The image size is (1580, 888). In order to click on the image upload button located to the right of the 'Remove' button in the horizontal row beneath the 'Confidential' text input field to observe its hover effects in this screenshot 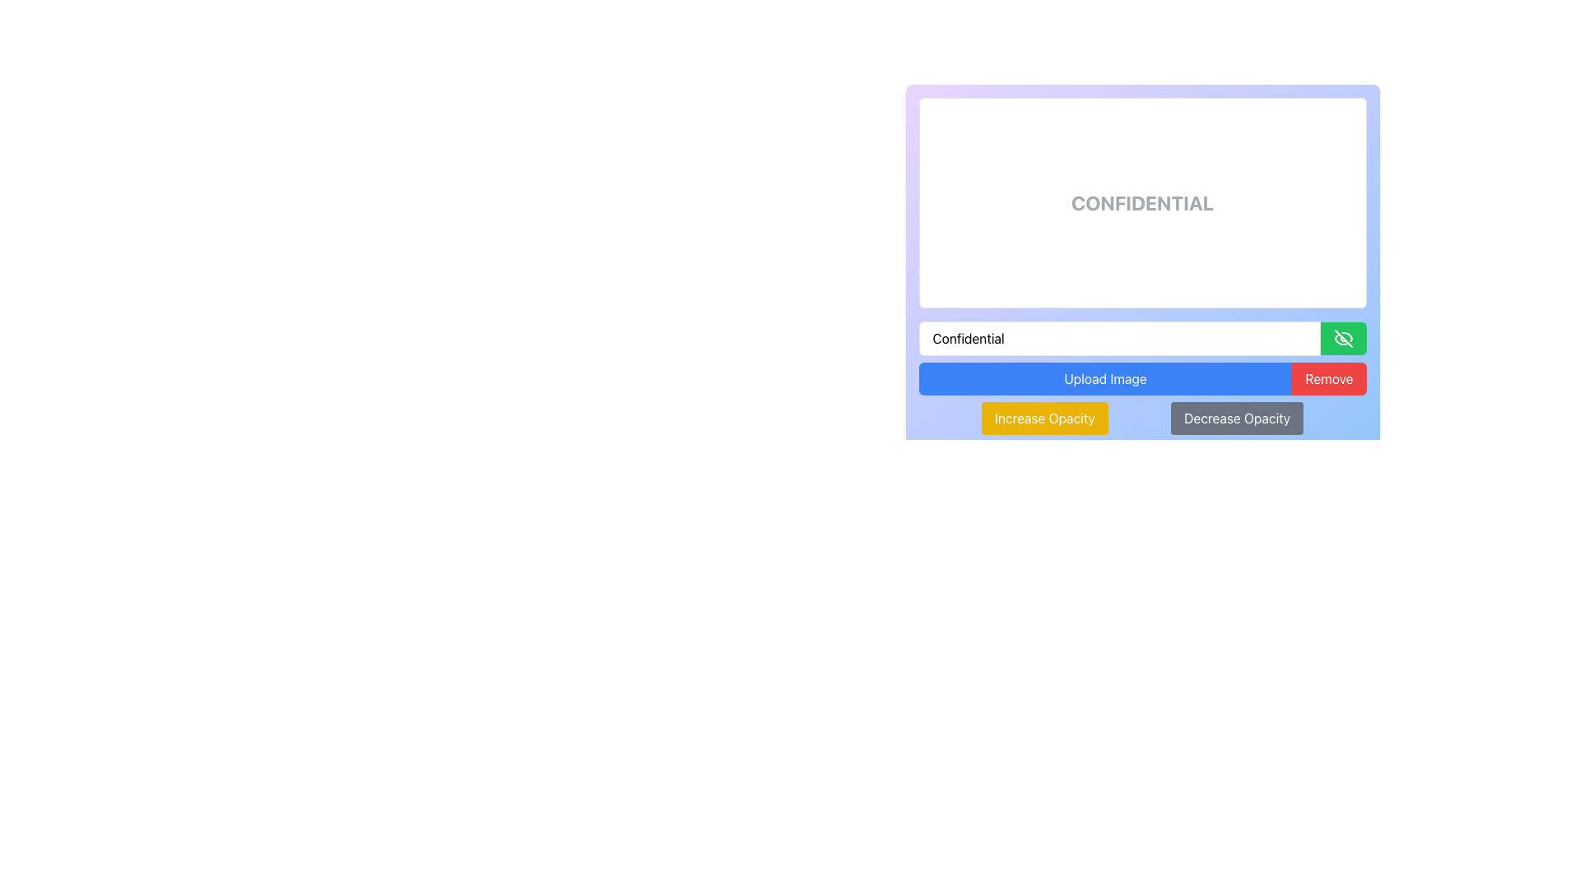, I will do `click(1141, 379)`.